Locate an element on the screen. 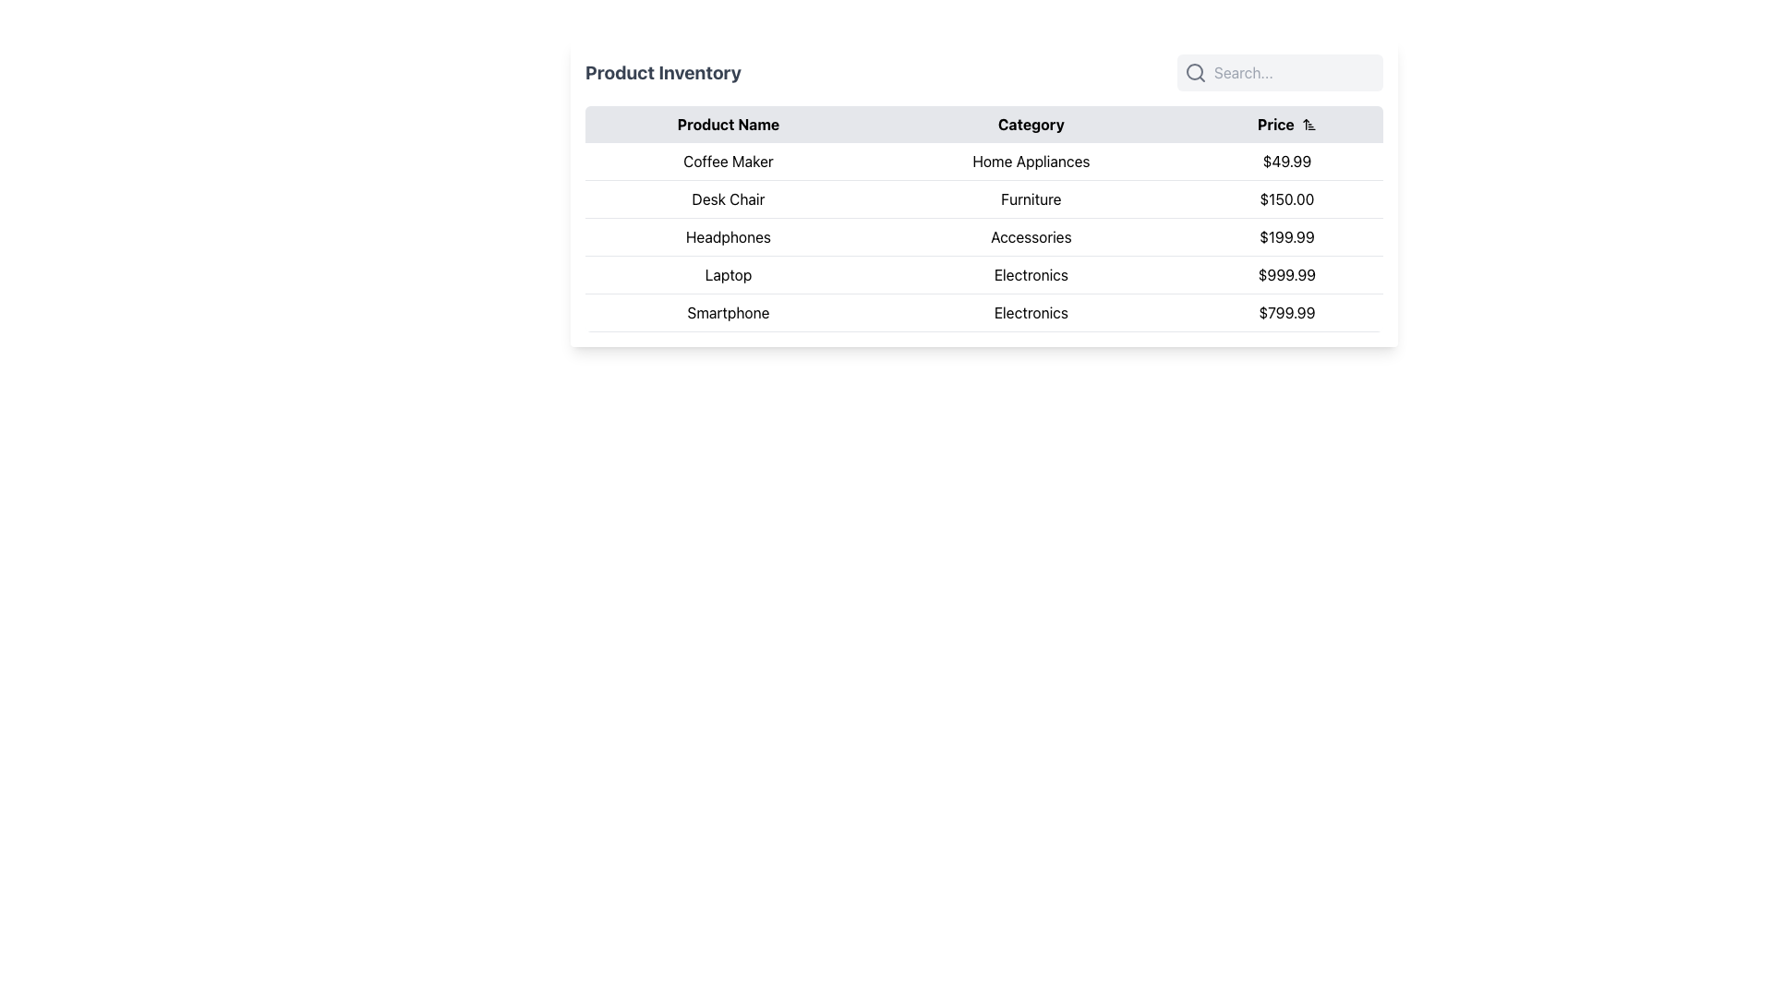 The height and width of the screenshot is (997, 1773). the search icon located at the top-right corner of the interface, adjacent to the search text input field, within a rounded rectangular box with a light gray background is located at coordinates (1196, 71).